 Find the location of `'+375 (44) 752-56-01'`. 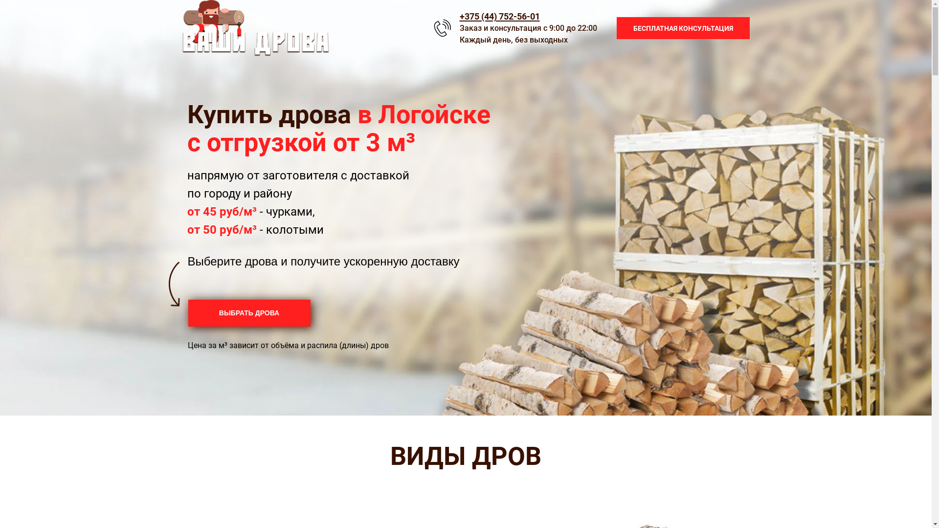

'+375 (44) 752-56-01' is located at coordinates (500, 16).